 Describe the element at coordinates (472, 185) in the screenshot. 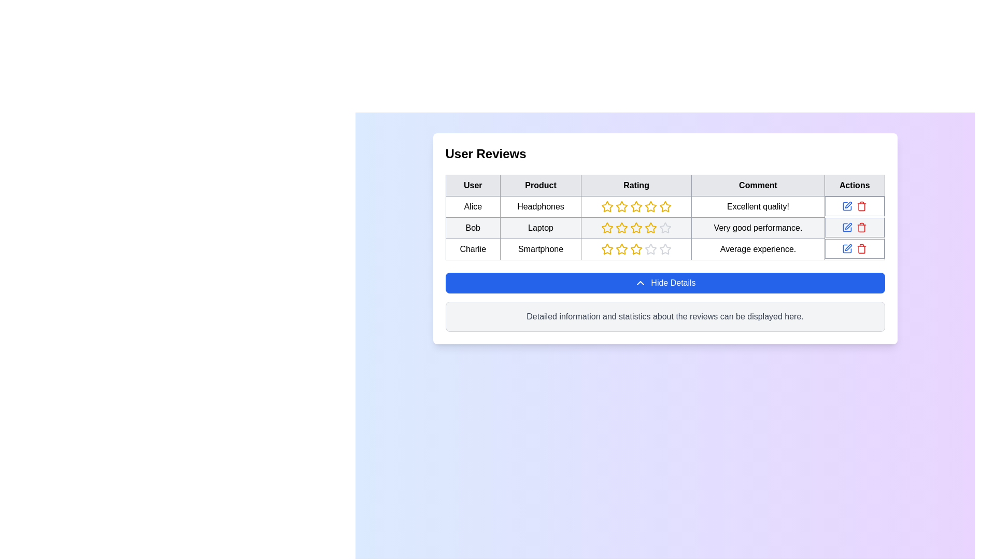

I see `the Table Header Cell containing the bold text 'User' with a light gray background` at that location.